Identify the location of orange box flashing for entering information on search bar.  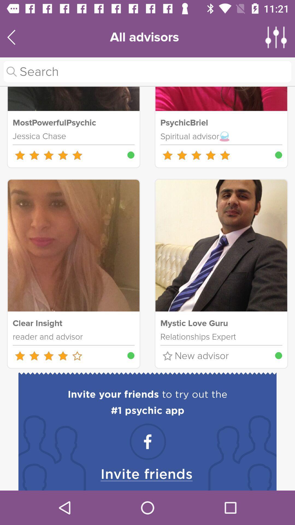
(147, 71).